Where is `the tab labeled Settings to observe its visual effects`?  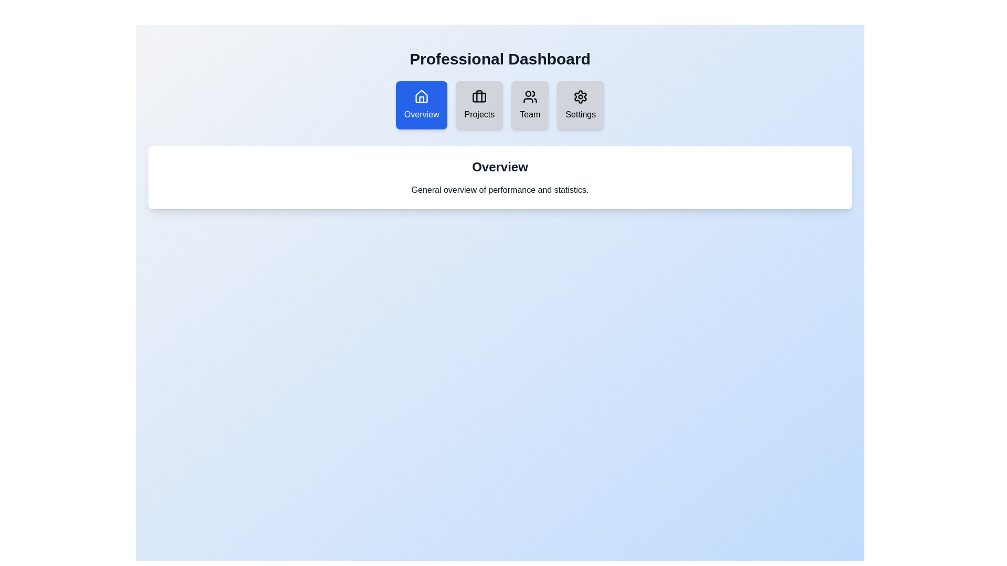
the tab labeled Settings to observe its visual effects is located at coordinates (580, 105).